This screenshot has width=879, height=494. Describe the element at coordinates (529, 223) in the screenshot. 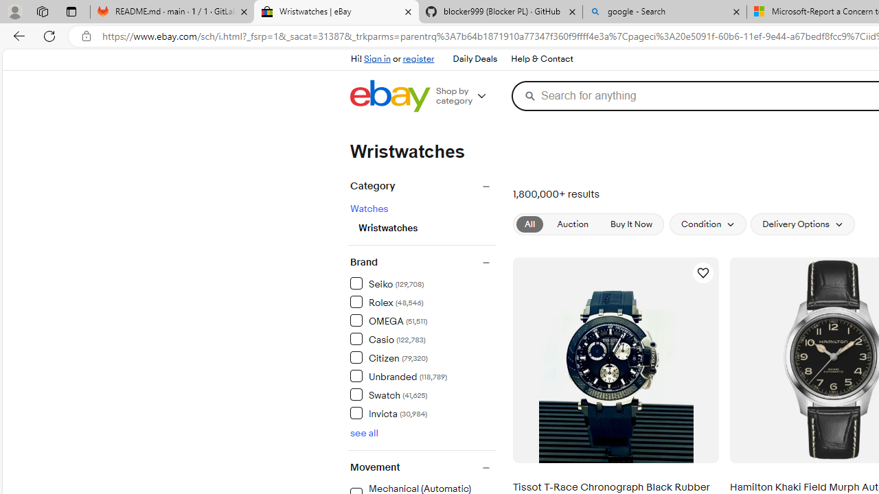

I see `'All'` at that location.